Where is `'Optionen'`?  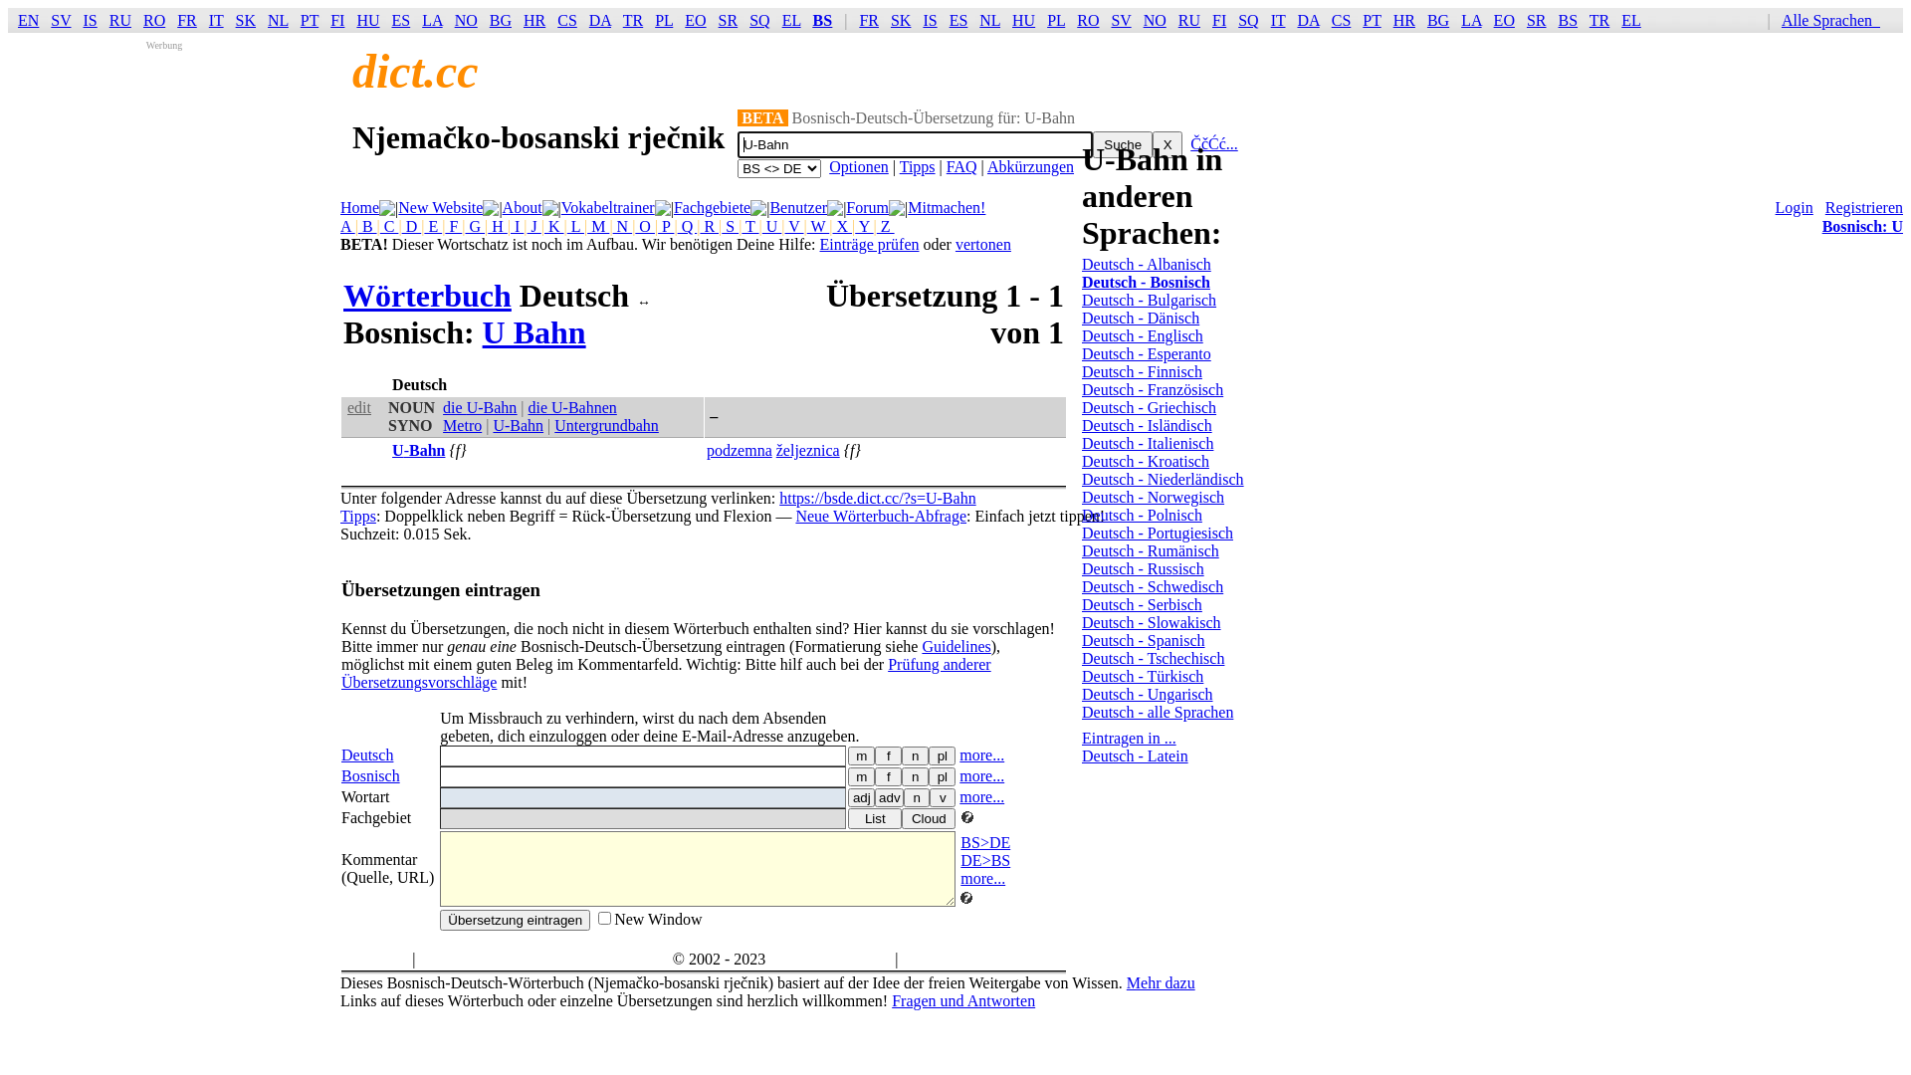
'Optionen' is located at coordinates (859, 165).